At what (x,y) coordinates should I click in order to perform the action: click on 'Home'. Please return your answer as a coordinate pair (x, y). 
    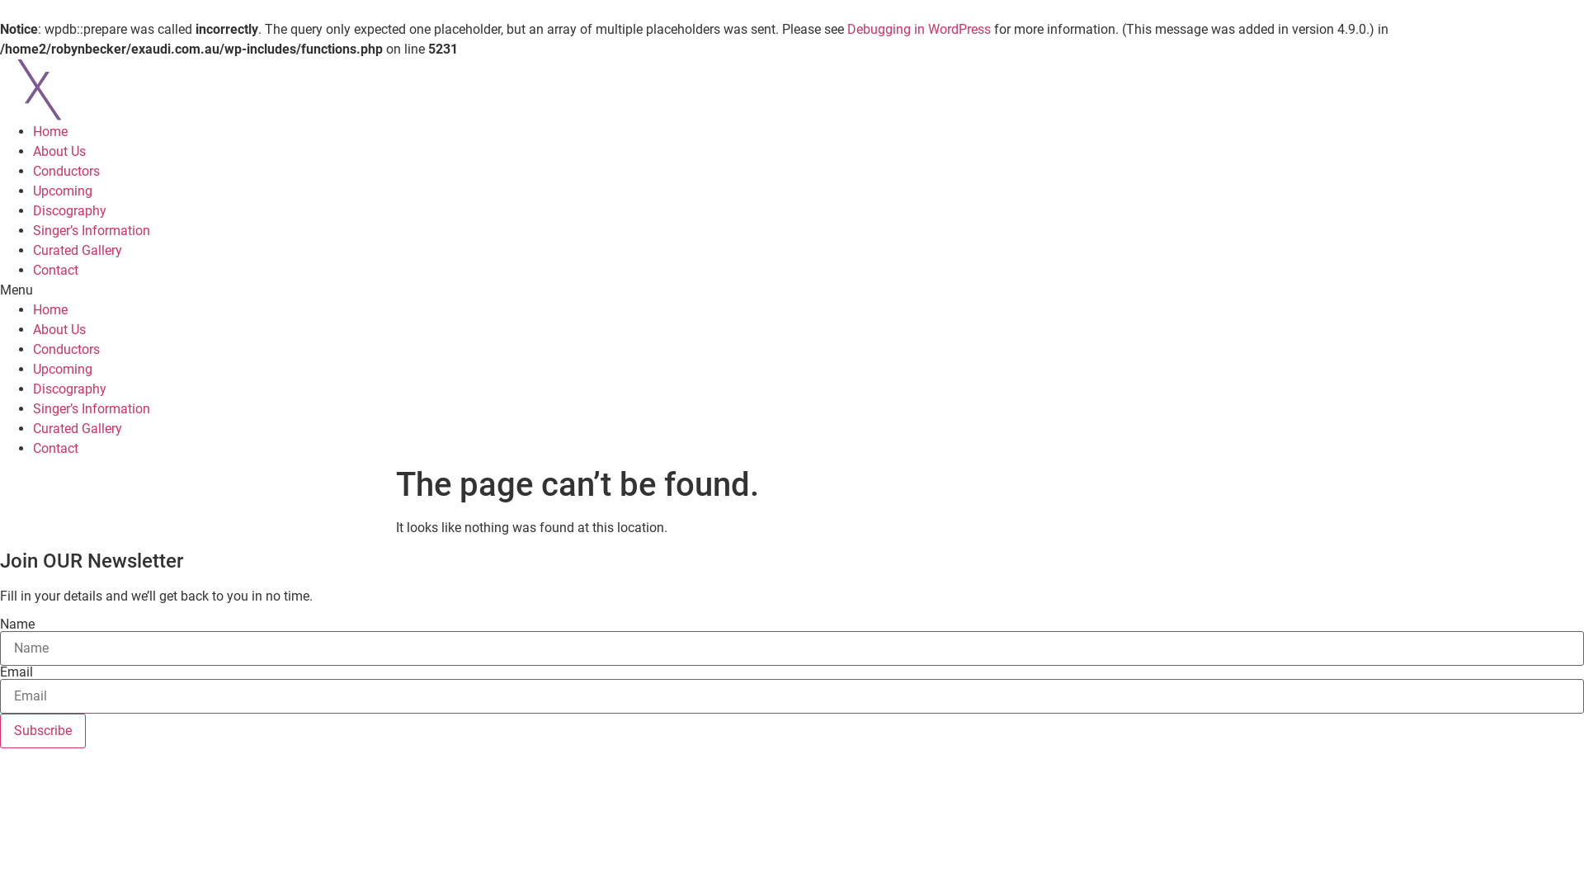
    Looking at the image, I should click on (50, 130).